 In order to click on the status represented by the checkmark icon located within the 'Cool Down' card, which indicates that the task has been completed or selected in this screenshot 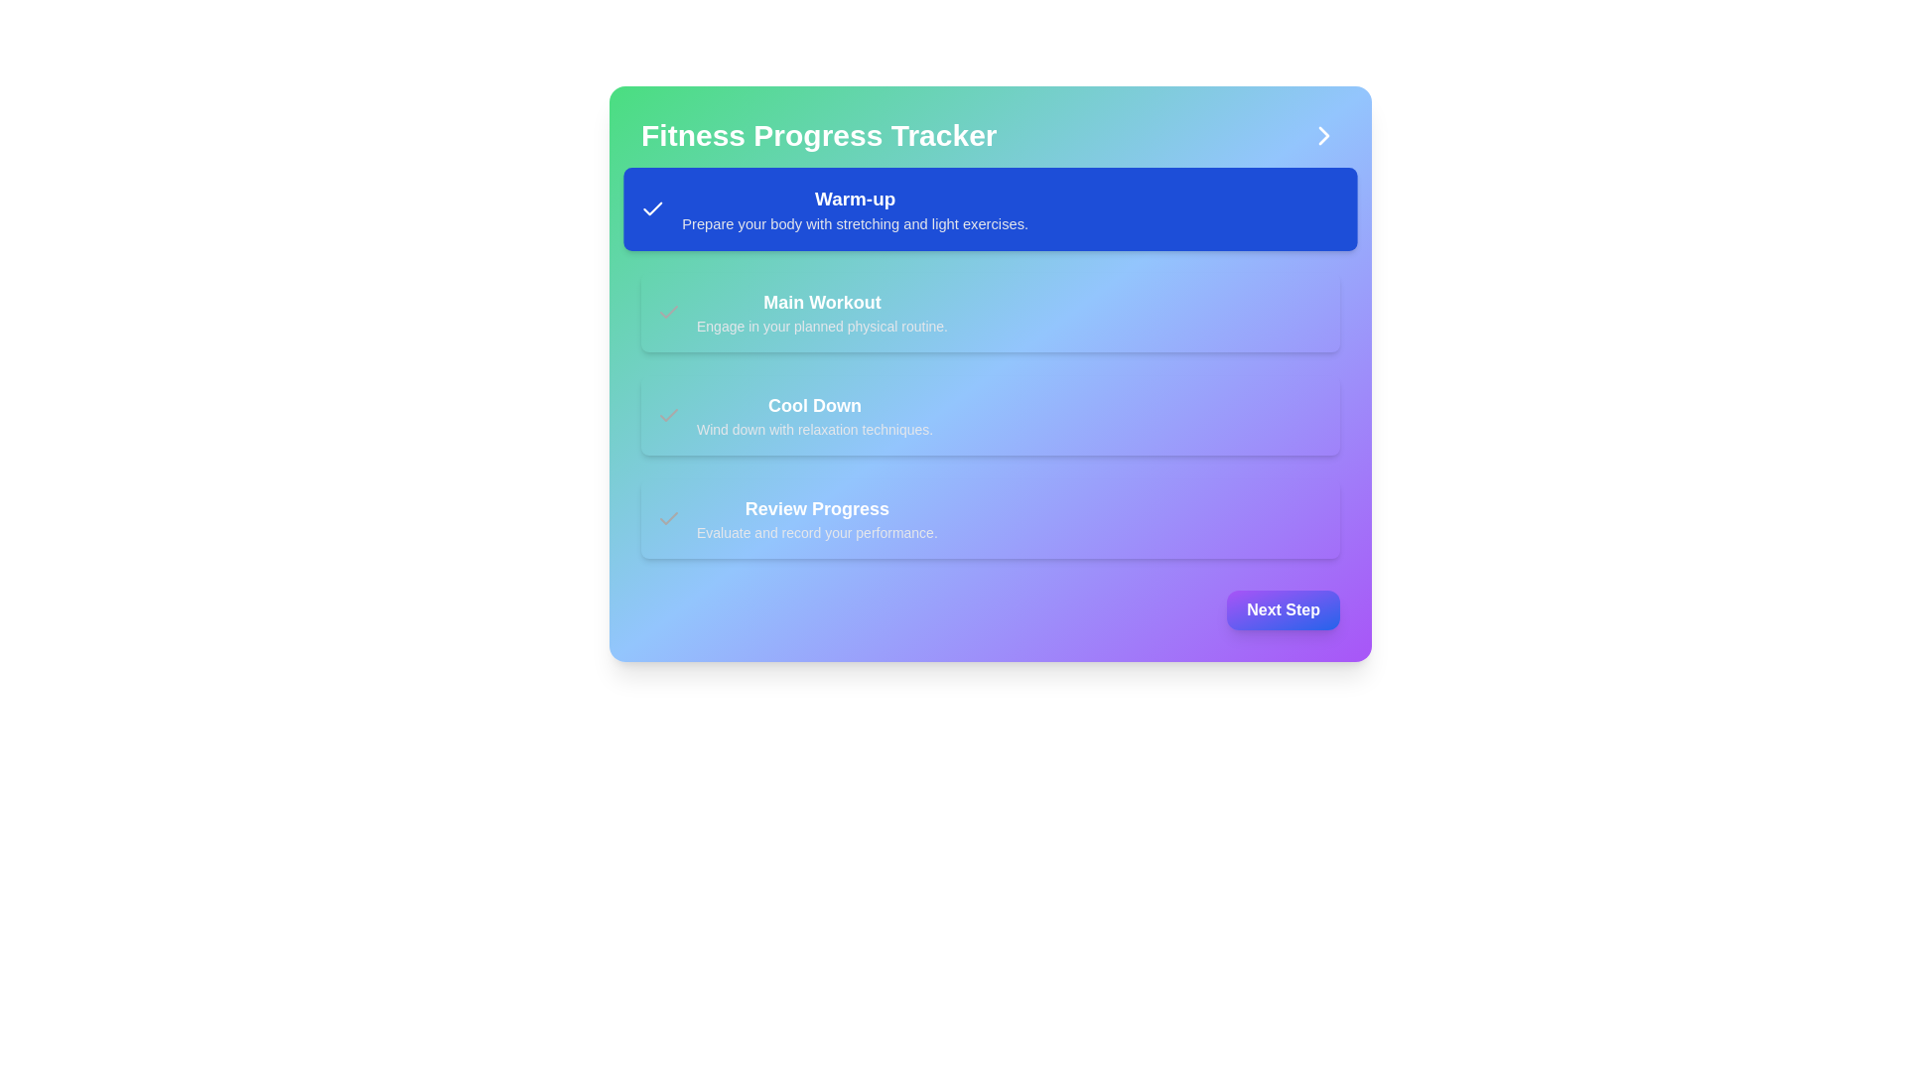, I will do `click(668, 311)`.